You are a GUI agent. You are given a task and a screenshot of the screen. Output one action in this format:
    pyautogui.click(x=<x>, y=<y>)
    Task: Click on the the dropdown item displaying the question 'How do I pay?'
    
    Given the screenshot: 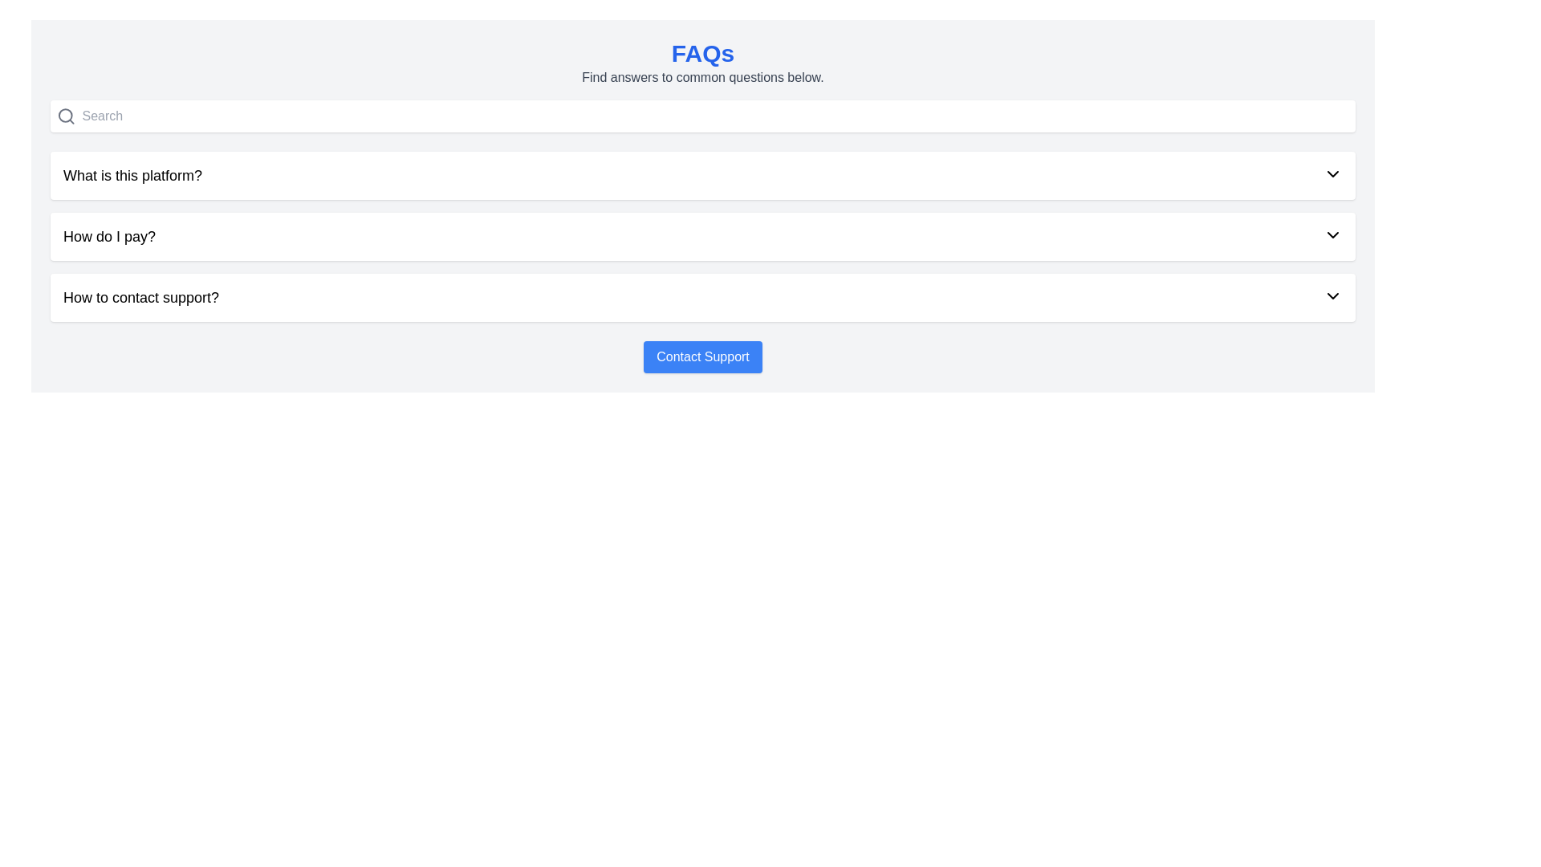 What is the action you would take?
    pyautogui.click(x=702, y=236)
    